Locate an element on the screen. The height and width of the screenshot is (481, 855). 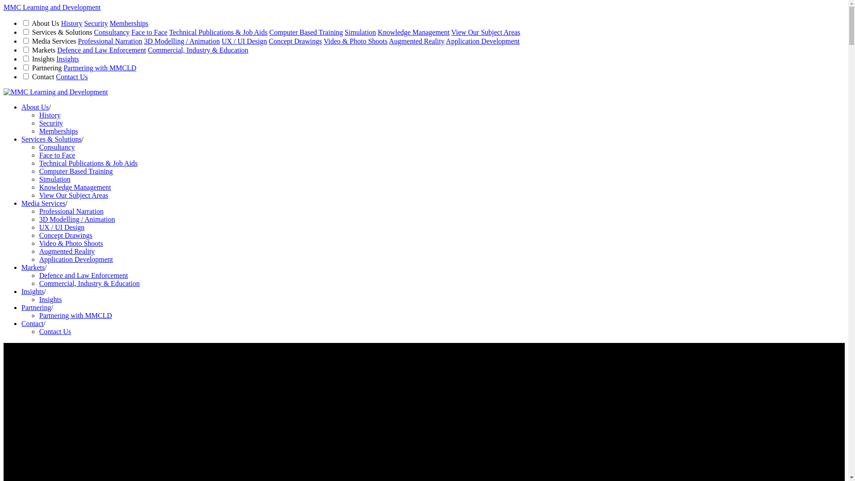
'Knowledge Management' is located at coordinates (413, 32).